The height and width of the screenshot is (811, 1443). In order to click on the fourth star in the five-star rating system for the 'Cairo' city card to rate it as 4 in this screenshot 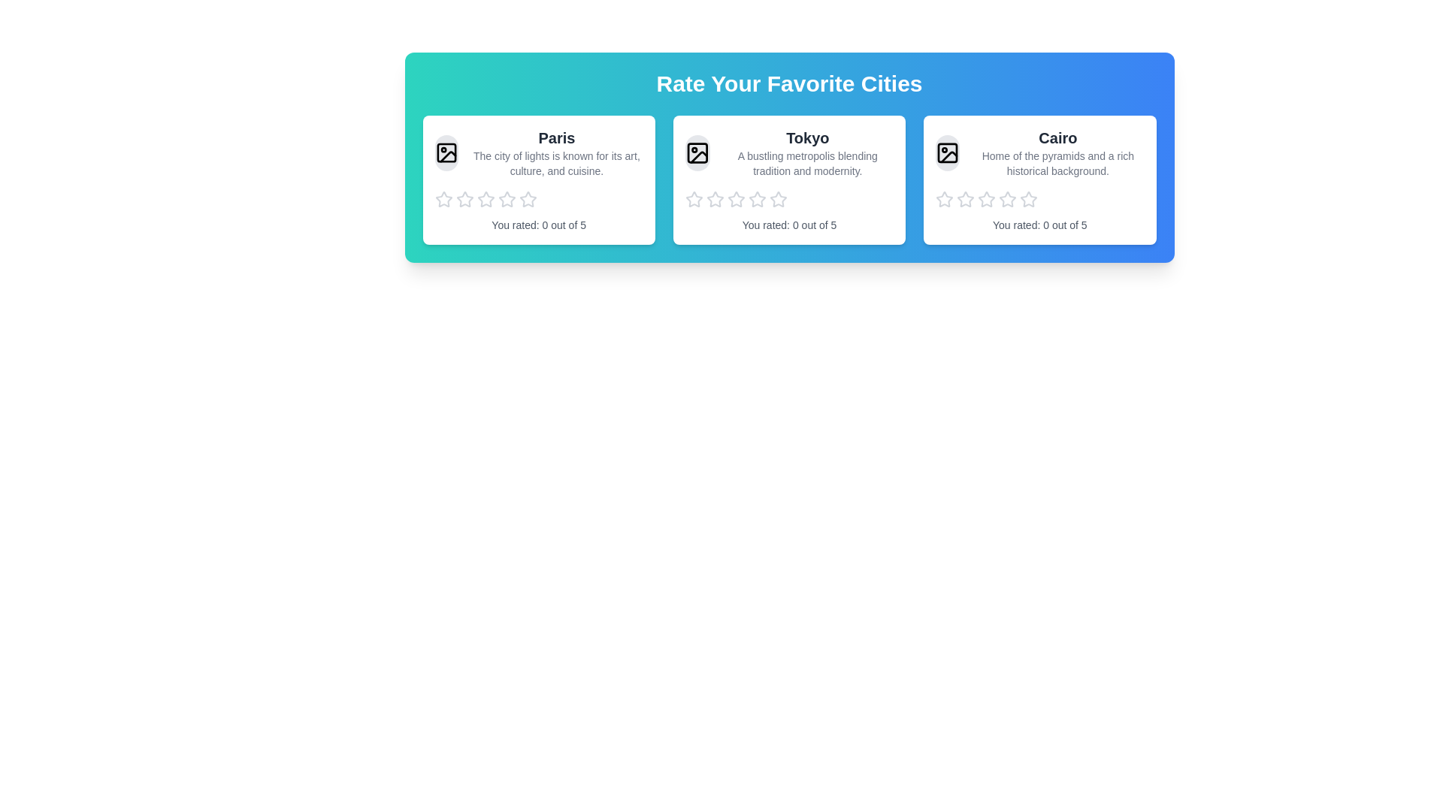, I will do `click(987, 199)`.